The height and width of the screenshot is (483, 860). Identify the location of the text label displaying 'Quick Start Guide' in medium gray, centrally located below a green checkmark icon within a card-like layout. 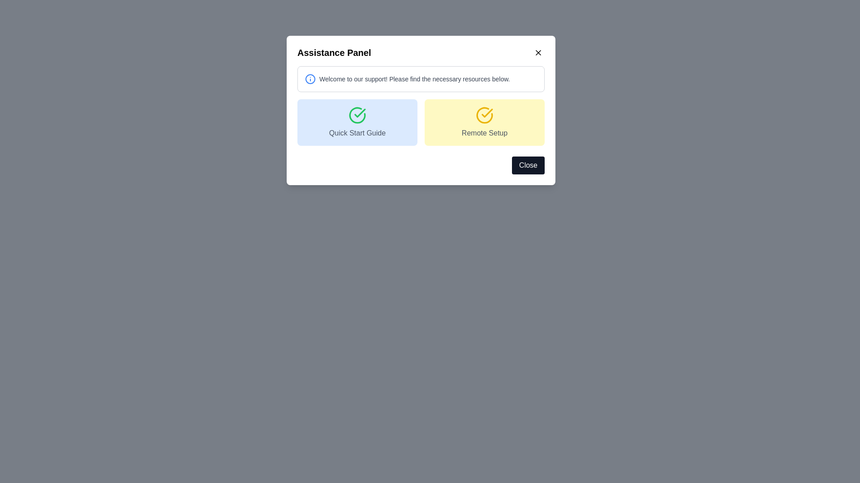
(357, 133).